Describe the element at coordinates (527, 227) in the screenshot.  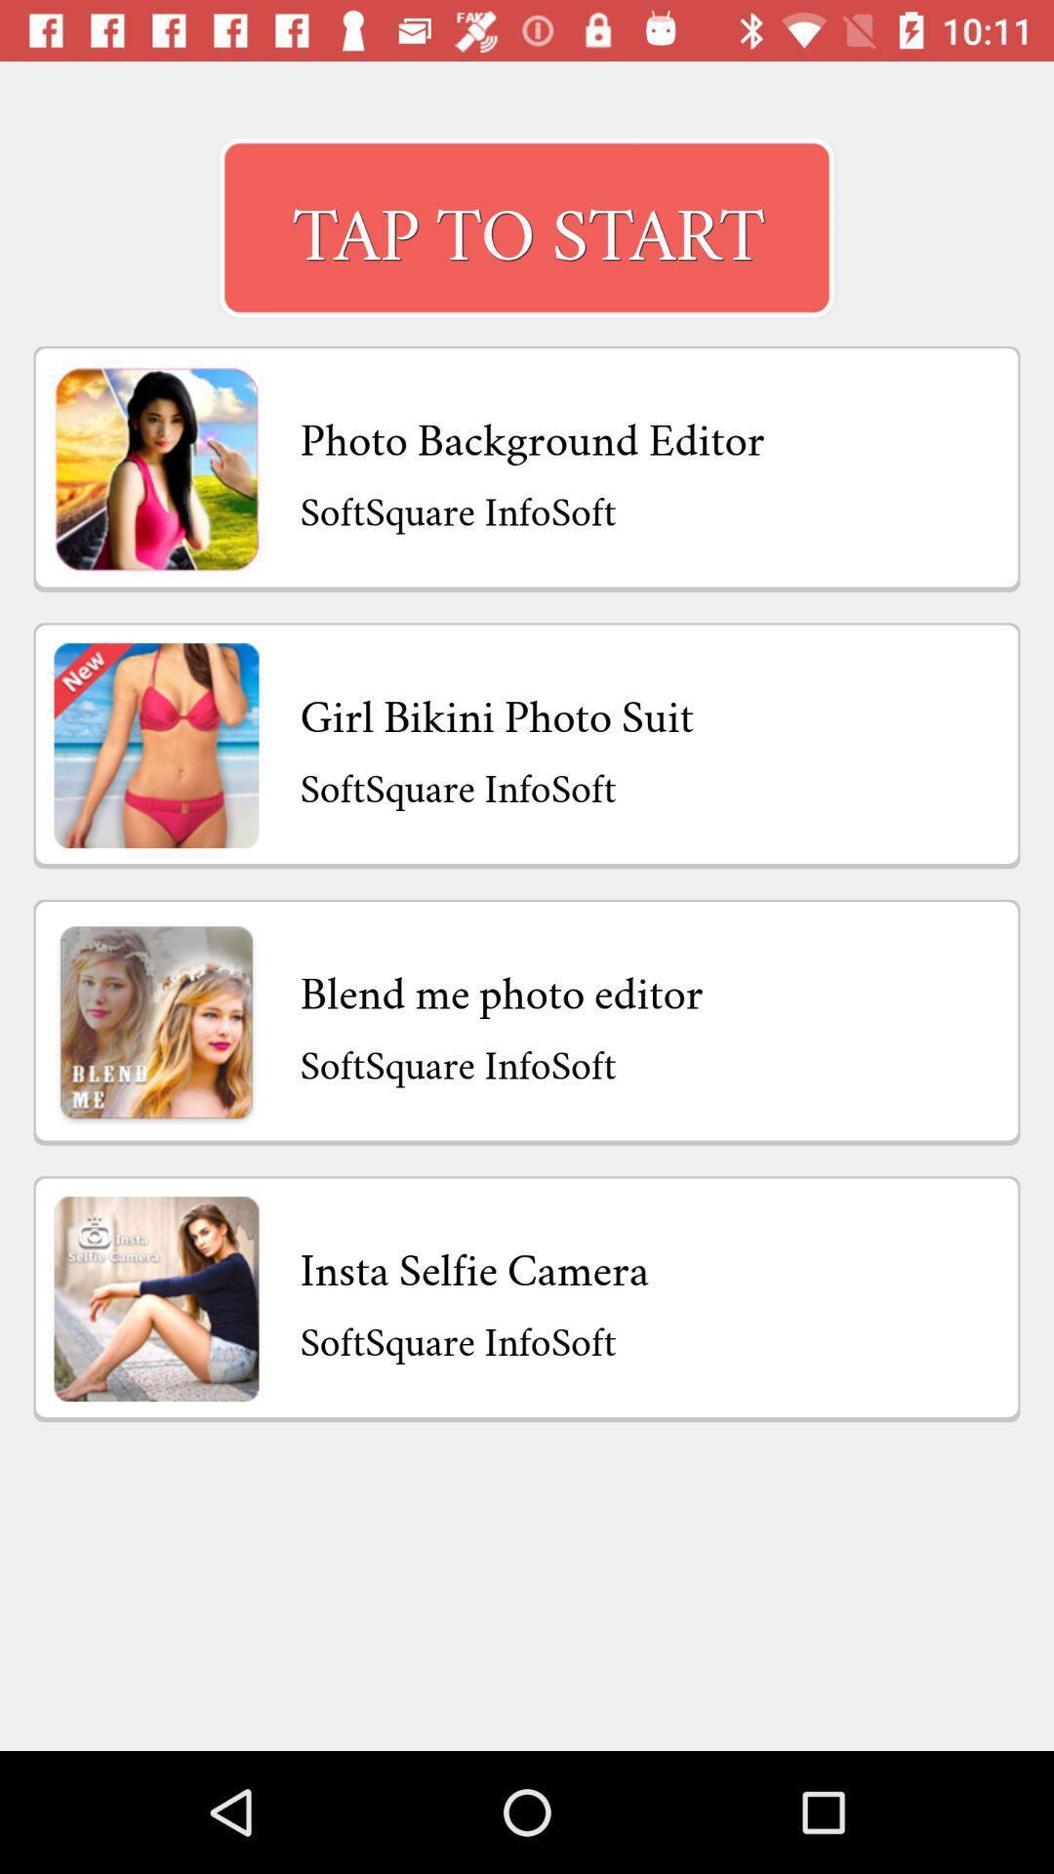
I see `tap to start icon` at that location.